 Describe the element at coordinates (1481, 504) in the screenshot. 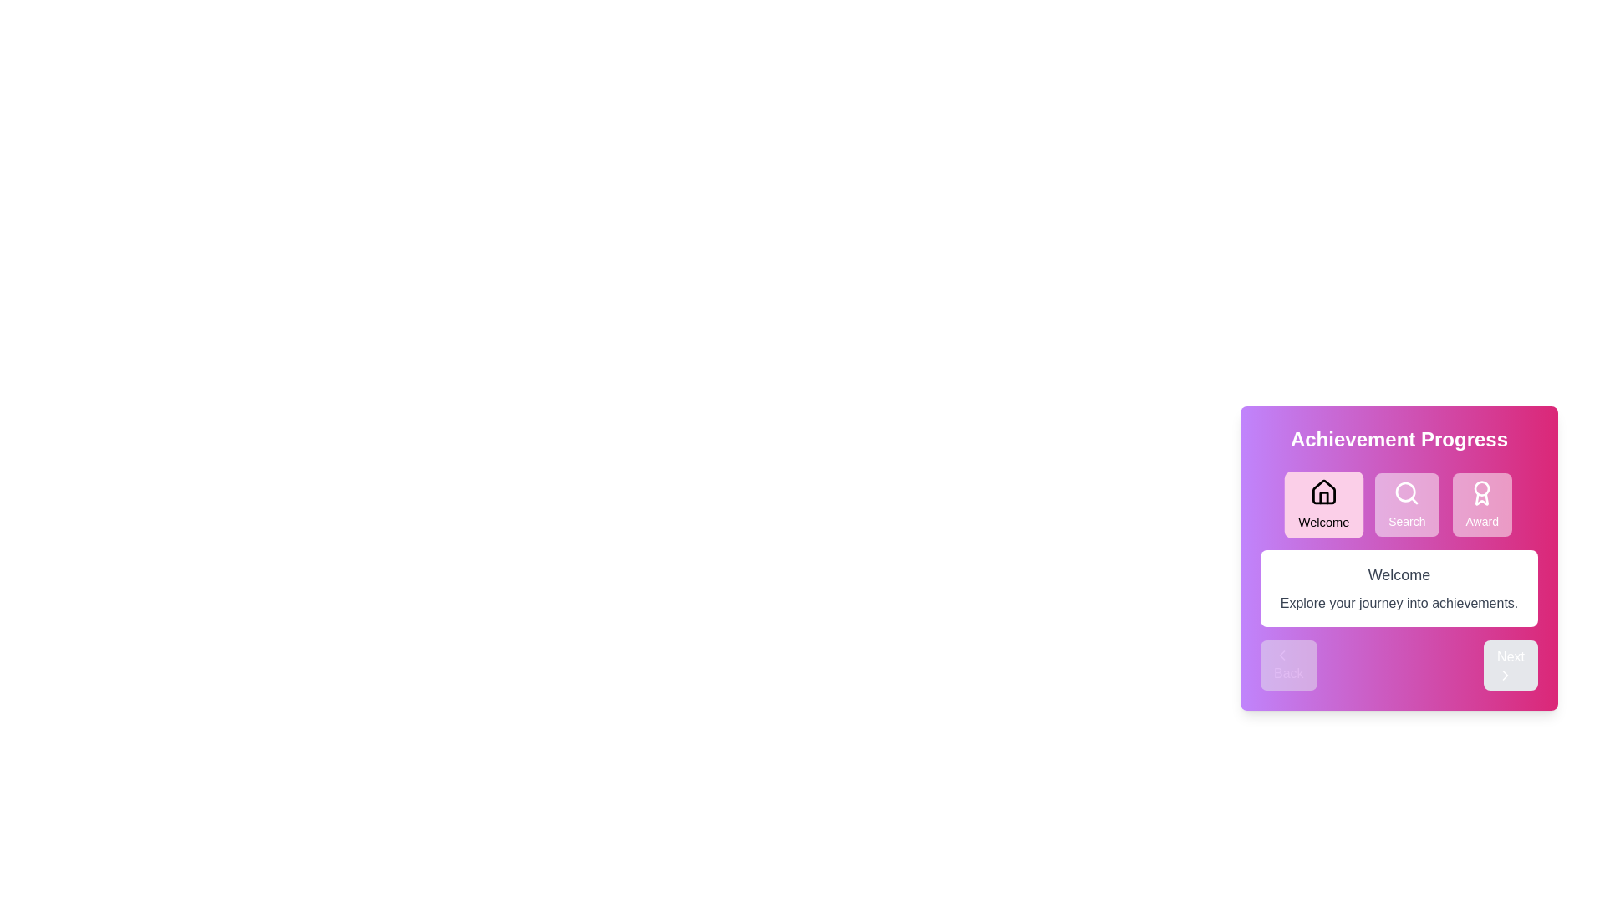

I see `the step button labeled Award to navigate to the respective step` at that location.